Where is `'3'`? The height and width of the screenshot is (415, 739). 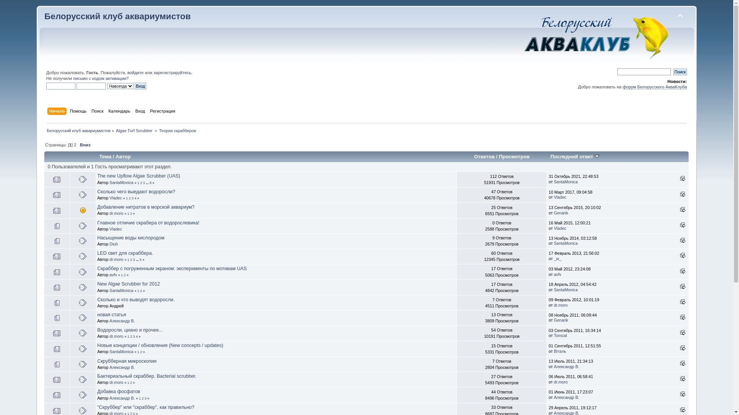
'3' is located at coordinates (143, 183).